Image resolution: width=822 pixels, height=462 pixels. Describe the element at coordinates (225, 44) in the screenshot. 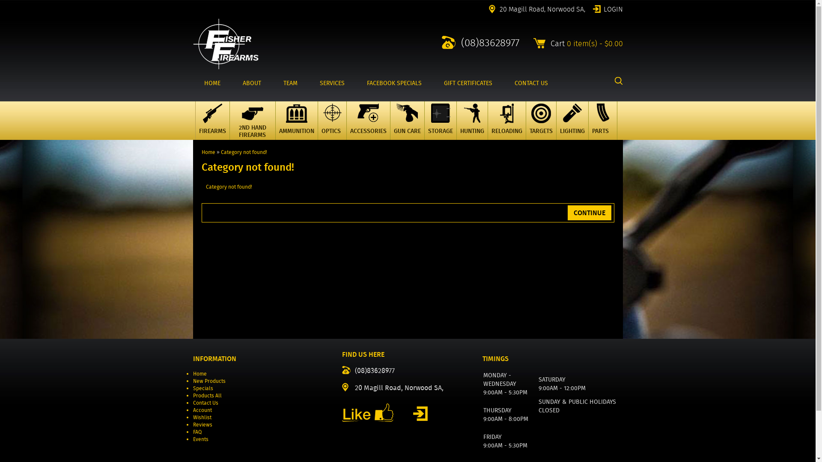

I see `'Fisher Firearms'` at that location.